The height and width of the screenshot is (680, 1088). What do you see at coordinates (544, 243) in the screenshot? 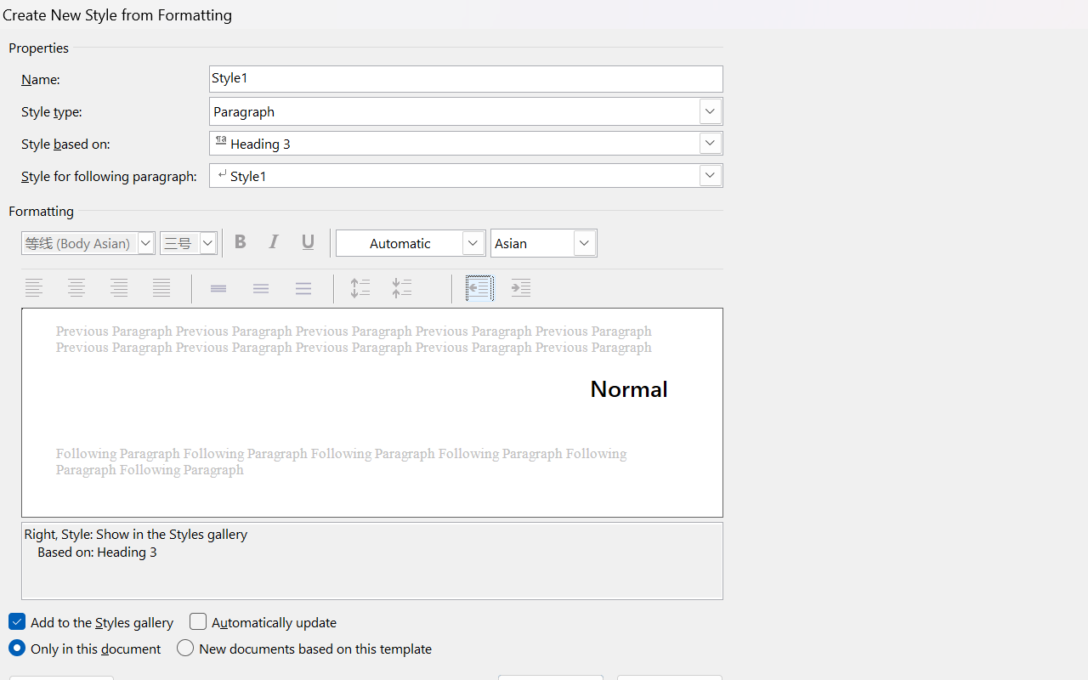
I see `'Formatting script'` at bounding box center [544, 243].